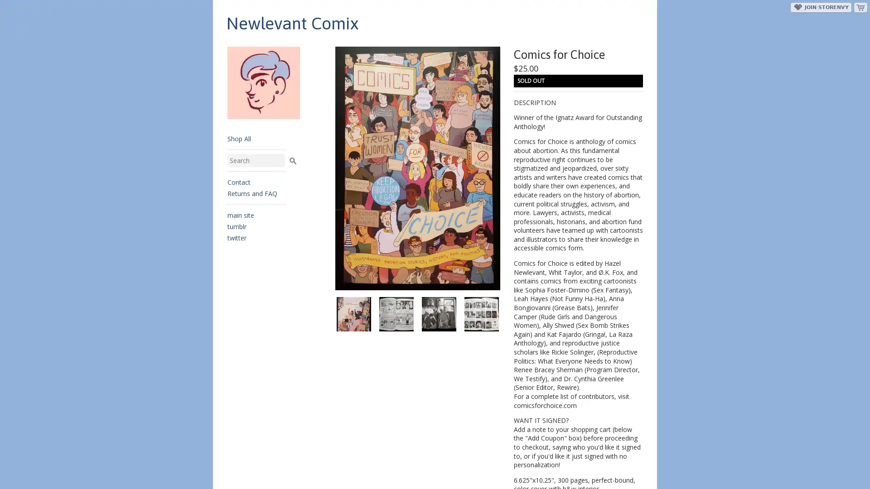 Image resolution: width=870 pixels, height=489 pixels. I want to click on Search, so click(292, 159).